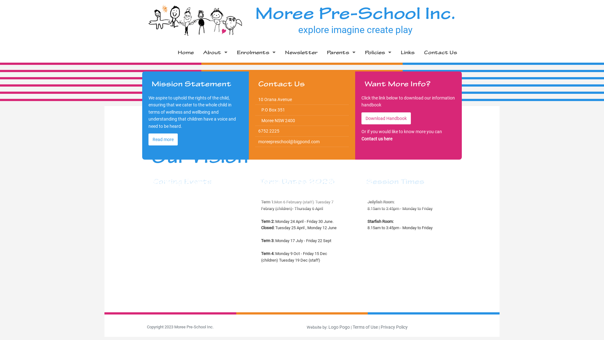 The image size is (604, 340). What do you see at coordinates (163, 139) in the screenshot?
I see `'Read more'` at bounding box center [163, 139].